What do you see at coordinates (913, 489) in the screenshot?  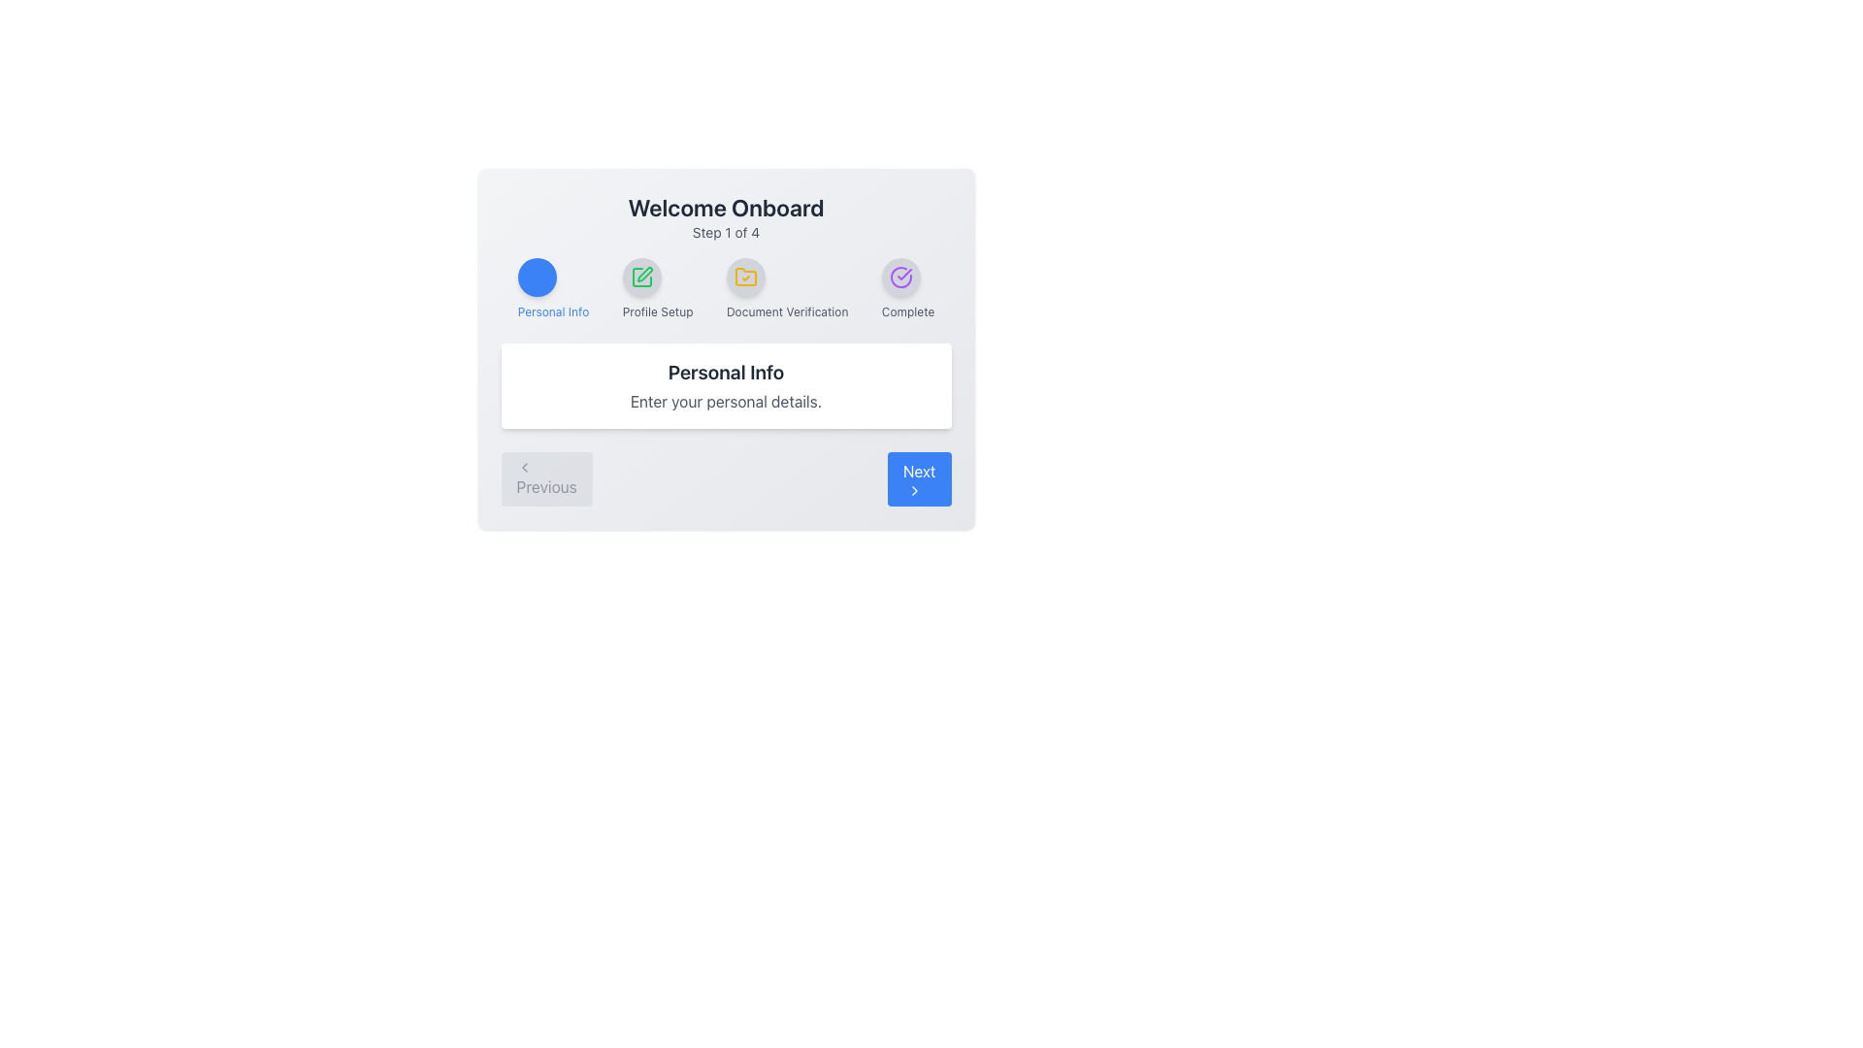 I see `the right-pointing chevron arrow icon of the 'Next' button to observe any visual changes` at bounding box center [913, 489].